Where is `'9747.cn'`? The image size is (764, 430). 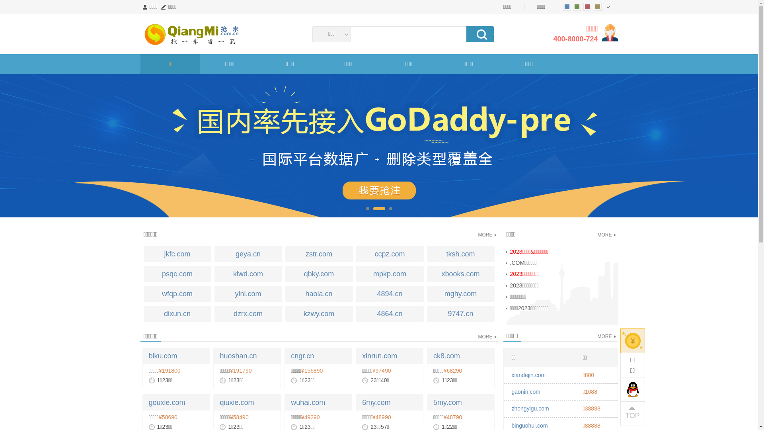 '9747.cn' is located at coordinates (460, 313).